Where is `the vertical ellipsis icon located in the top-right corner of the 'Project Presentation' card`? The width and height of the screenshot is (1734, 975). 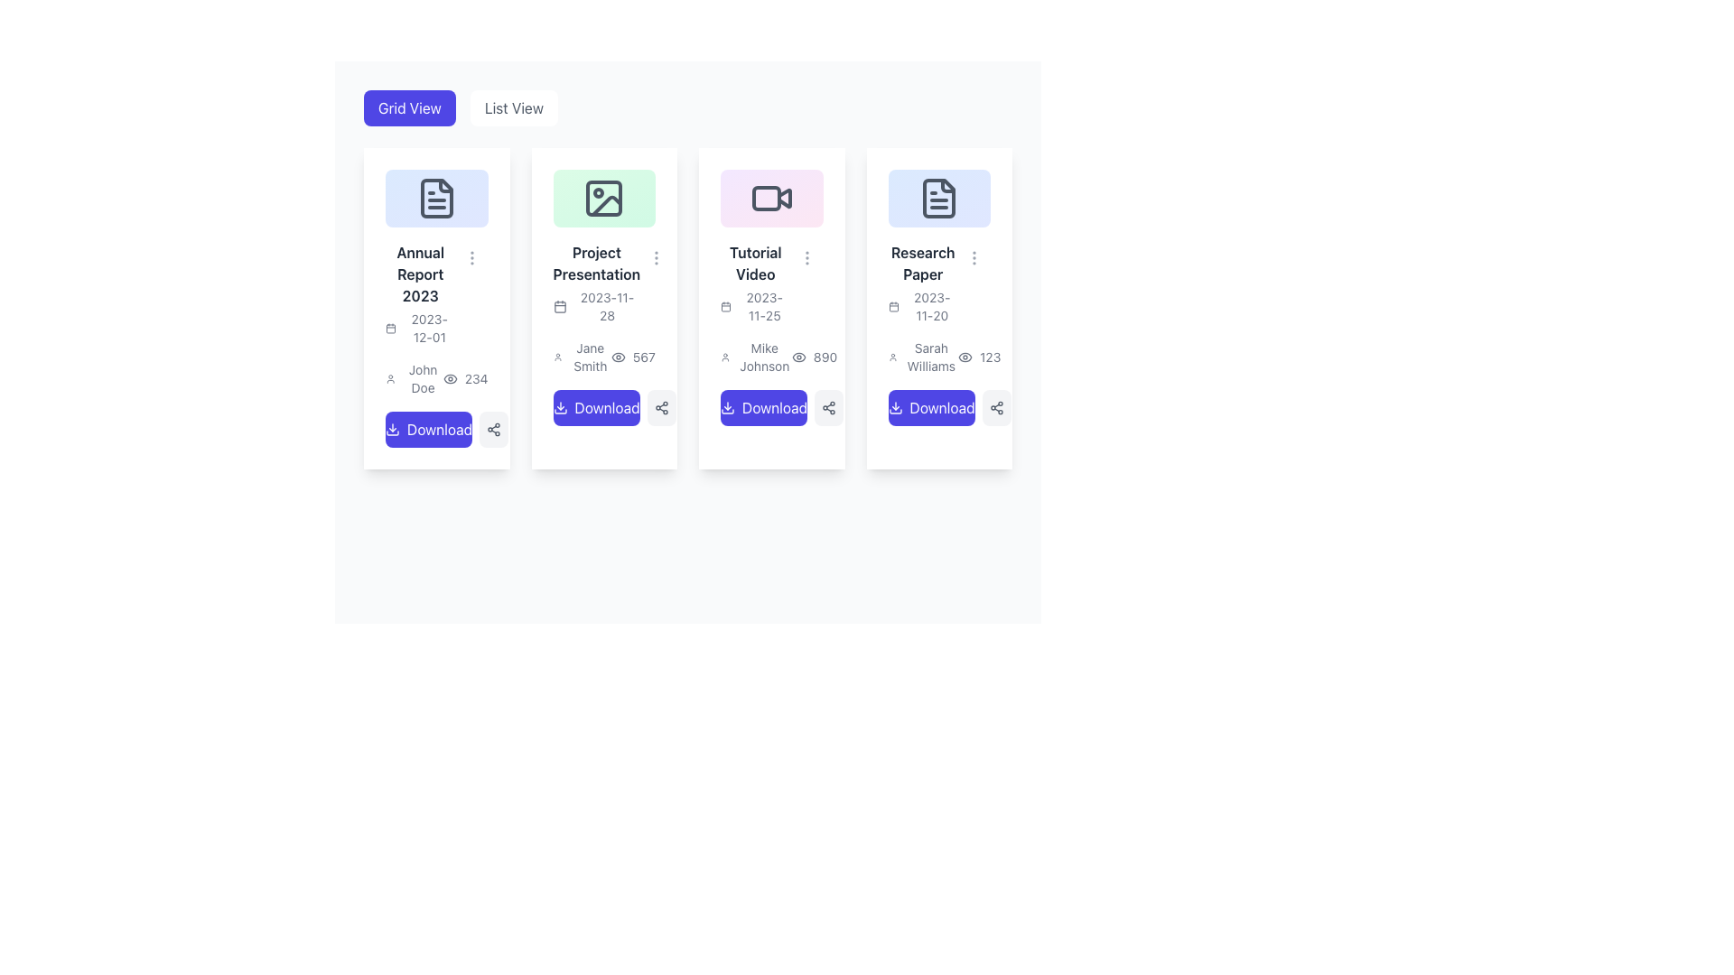
the vertical ellipsis icon located in the top-right corner of the 'Project Presentation' card is located at coordinates (656, 257).